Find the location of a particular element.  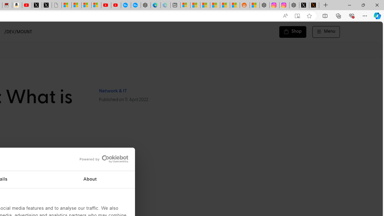

'Nordace - Nordace has arrived Hong Kong' is located at coordinates (145, 5).